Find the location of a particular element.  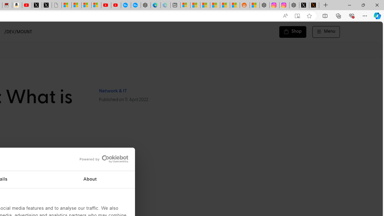

'Nordace - Nordace has arrived Hong Kong' is located at coordinates (145, 5).